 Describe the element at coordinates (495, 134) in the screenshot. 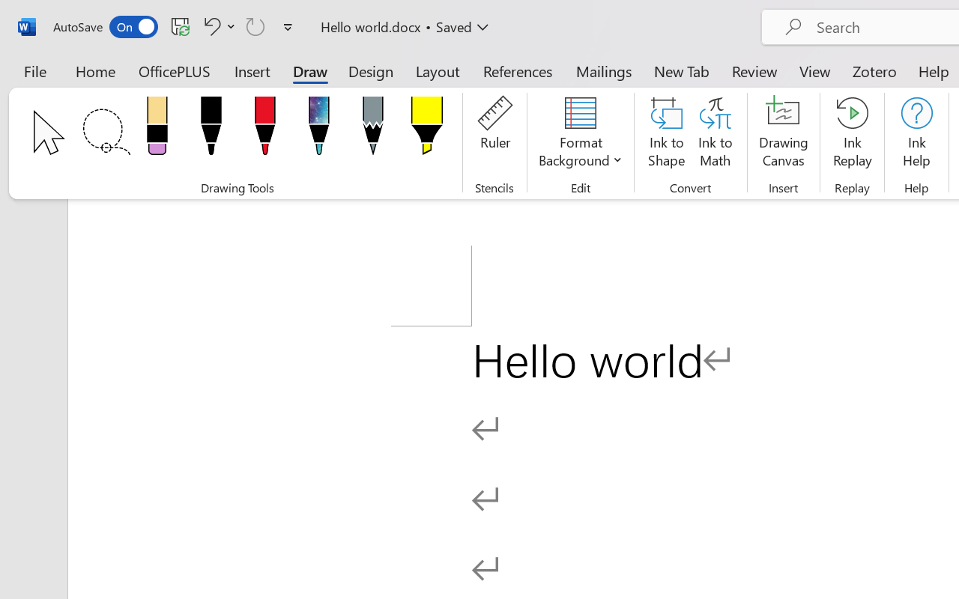

I see `'Ruler'` at that location.